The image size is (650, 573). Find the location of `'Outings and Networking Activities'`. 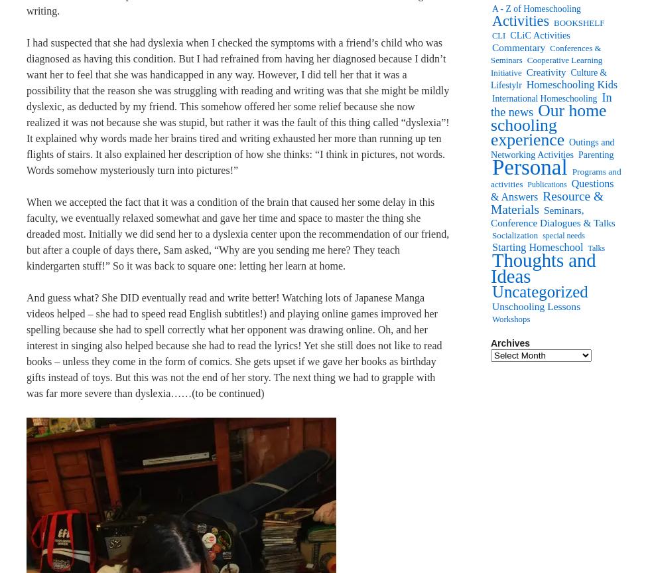

'Outings and Networking Activities' is located at coordinates (490, 148).